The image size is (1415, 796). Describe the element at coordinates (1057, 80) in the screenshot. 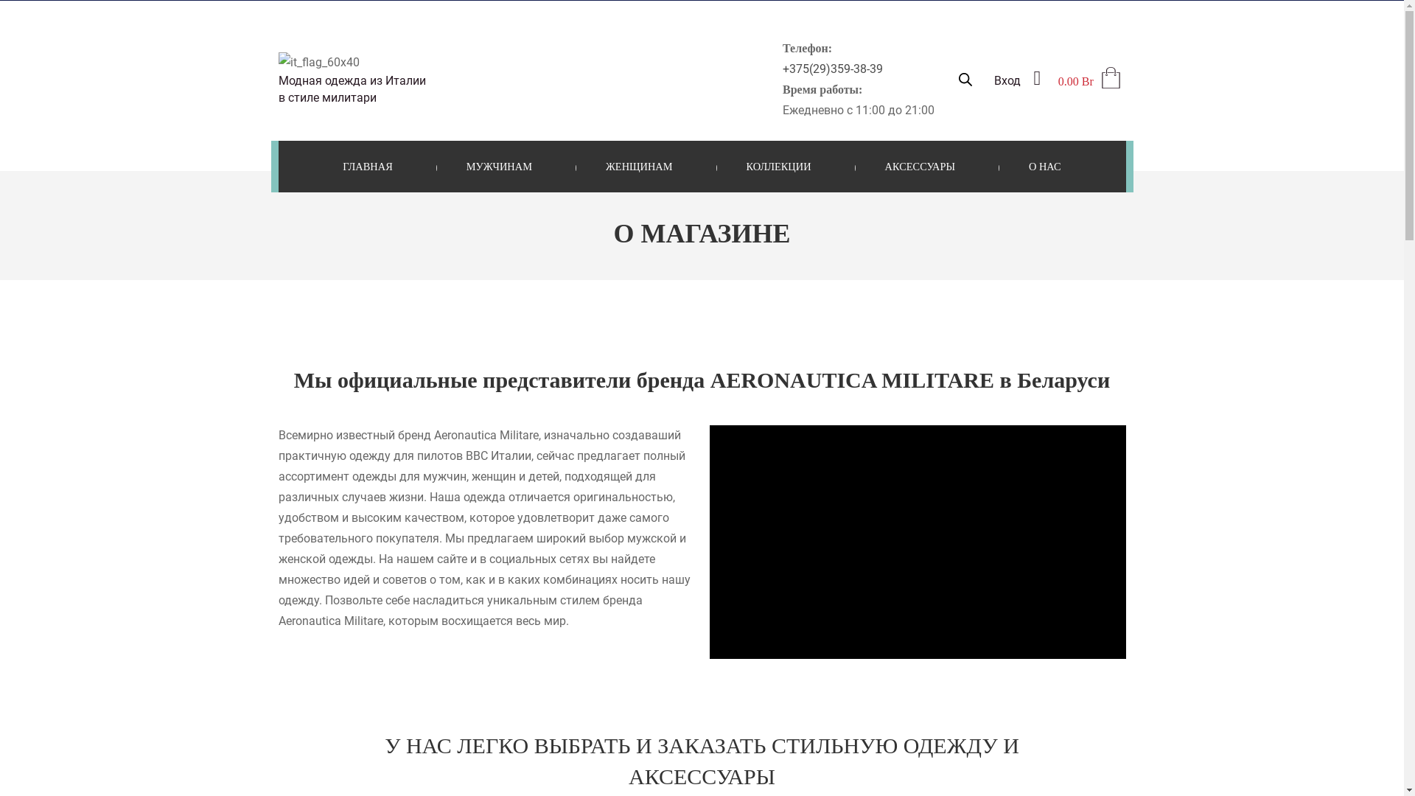

I see `'0.00 Br'` at that location.